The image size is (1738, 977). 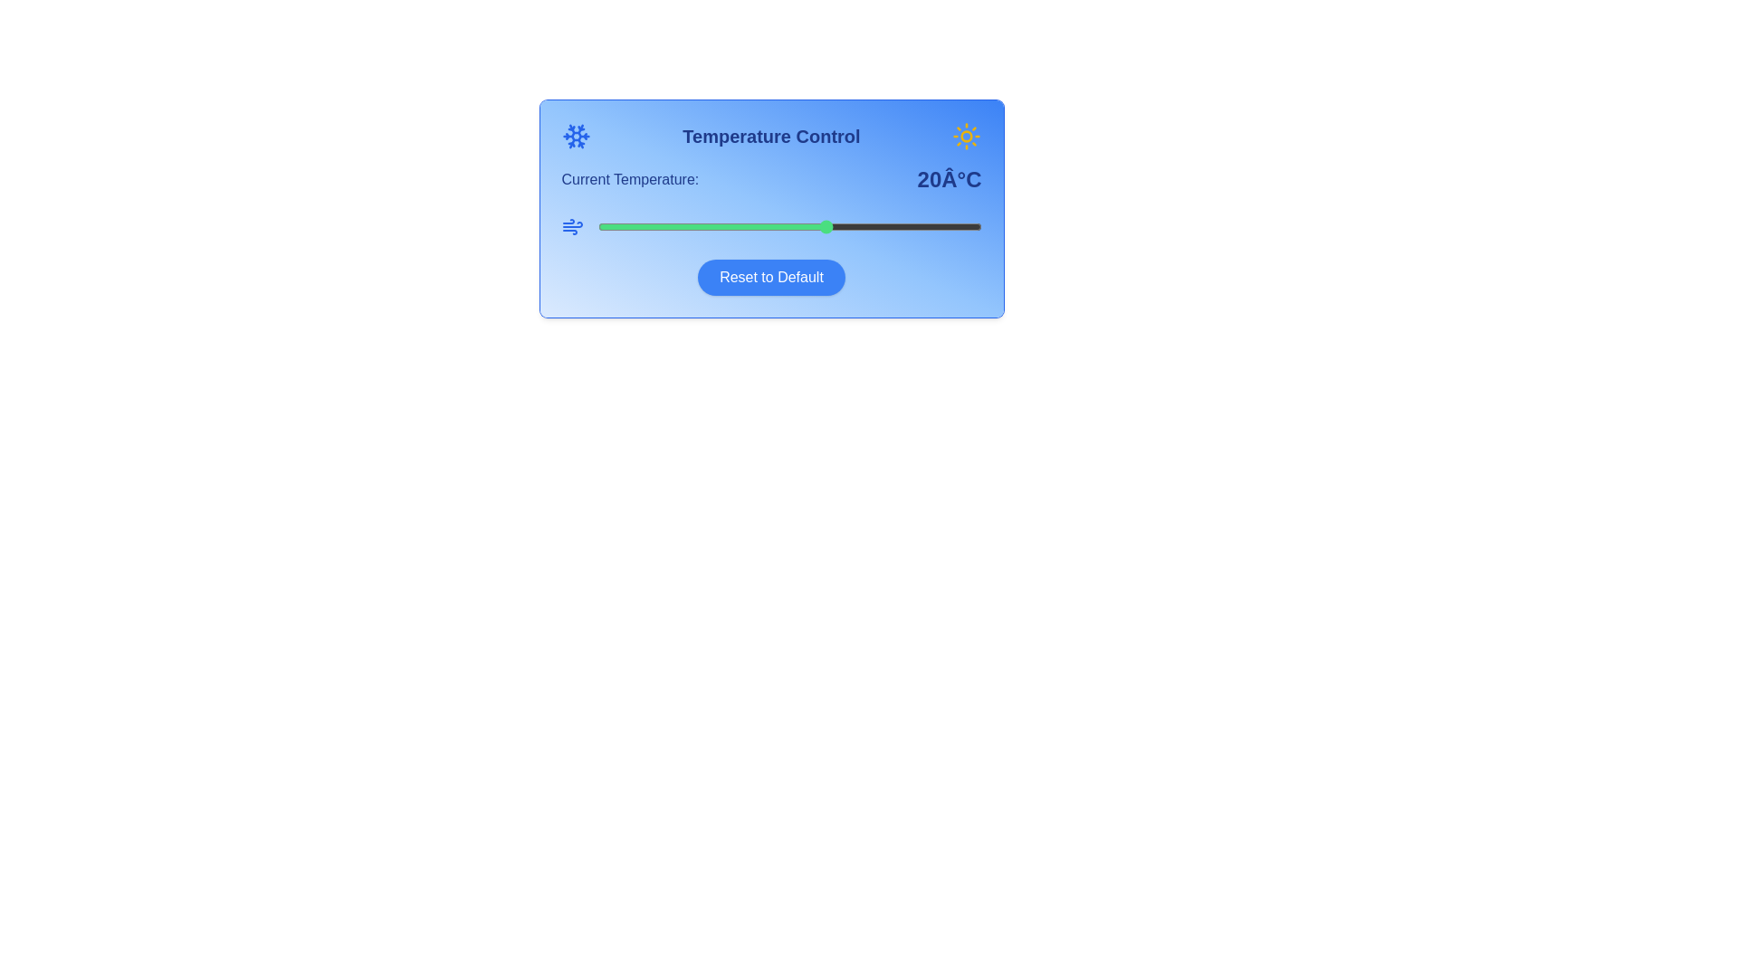 What do you see at coordinates (882, 225) in the screenshot?
I see `the temperature slider` at bounding box center [882, 225].